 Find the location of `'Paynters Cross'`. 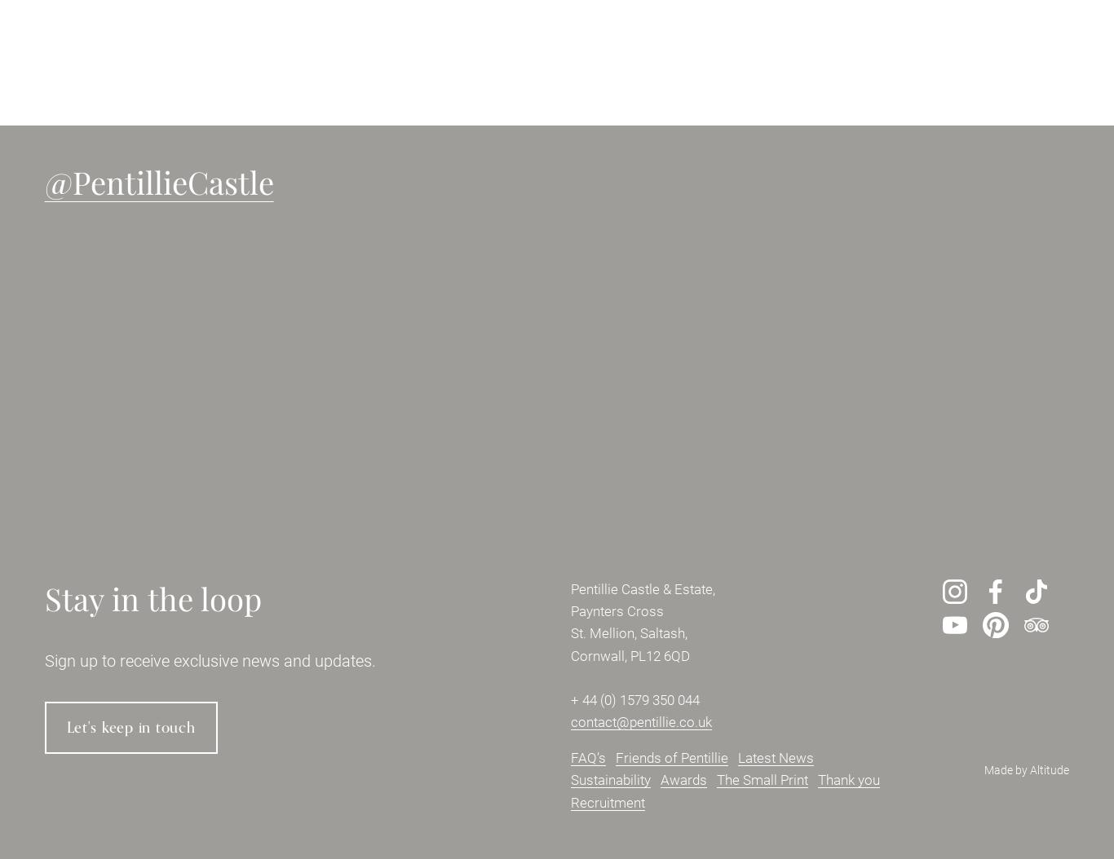

'Paynters Cross' is located at coordinates (570, 611).